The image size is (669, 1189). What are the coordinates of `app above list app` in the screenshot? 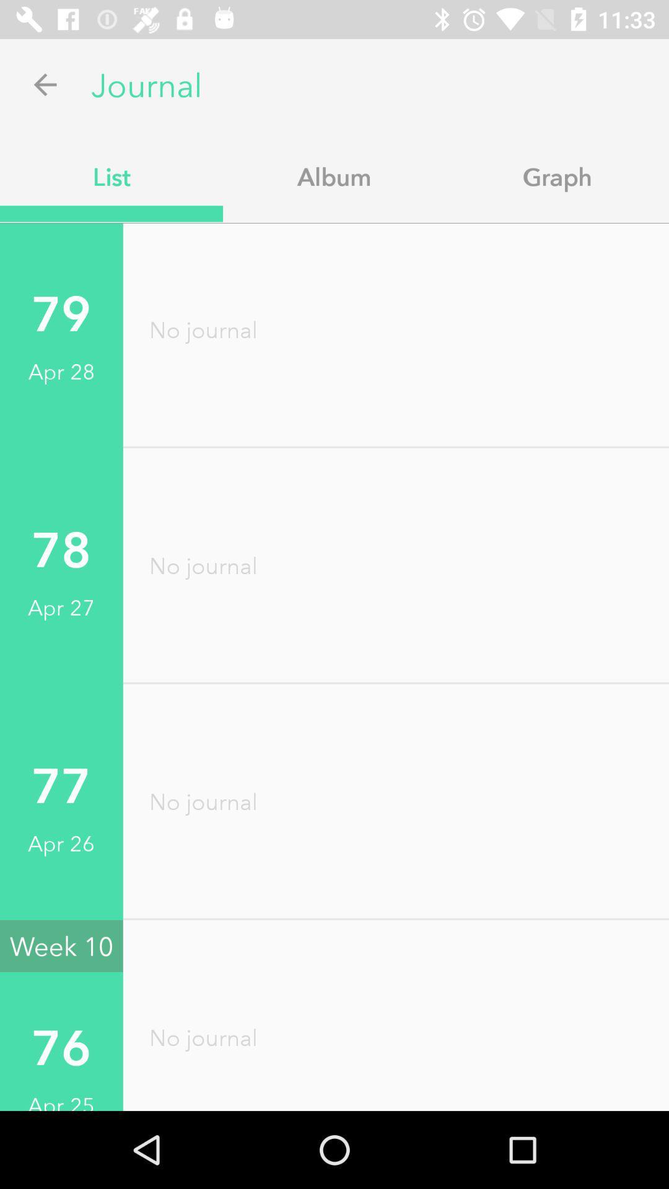 It's located at (45, 84).